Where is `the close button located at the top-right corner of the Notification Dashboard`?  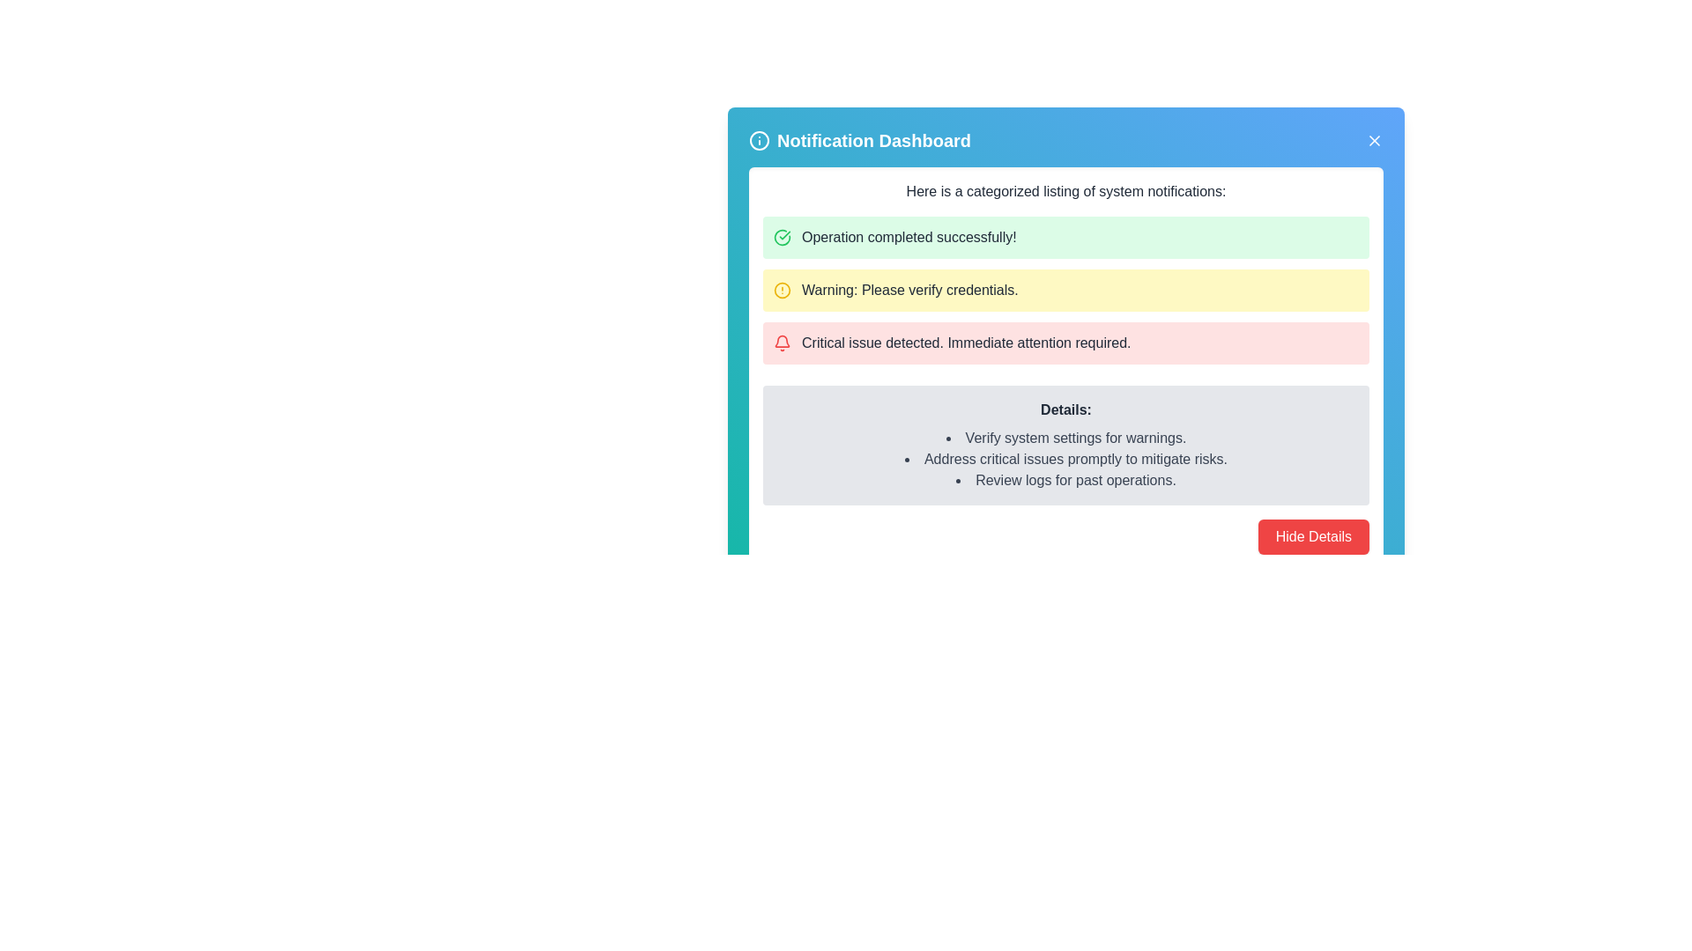
the close button located at the top-right corner of the Notification Dashboard is located at coordinates (1374, 139).